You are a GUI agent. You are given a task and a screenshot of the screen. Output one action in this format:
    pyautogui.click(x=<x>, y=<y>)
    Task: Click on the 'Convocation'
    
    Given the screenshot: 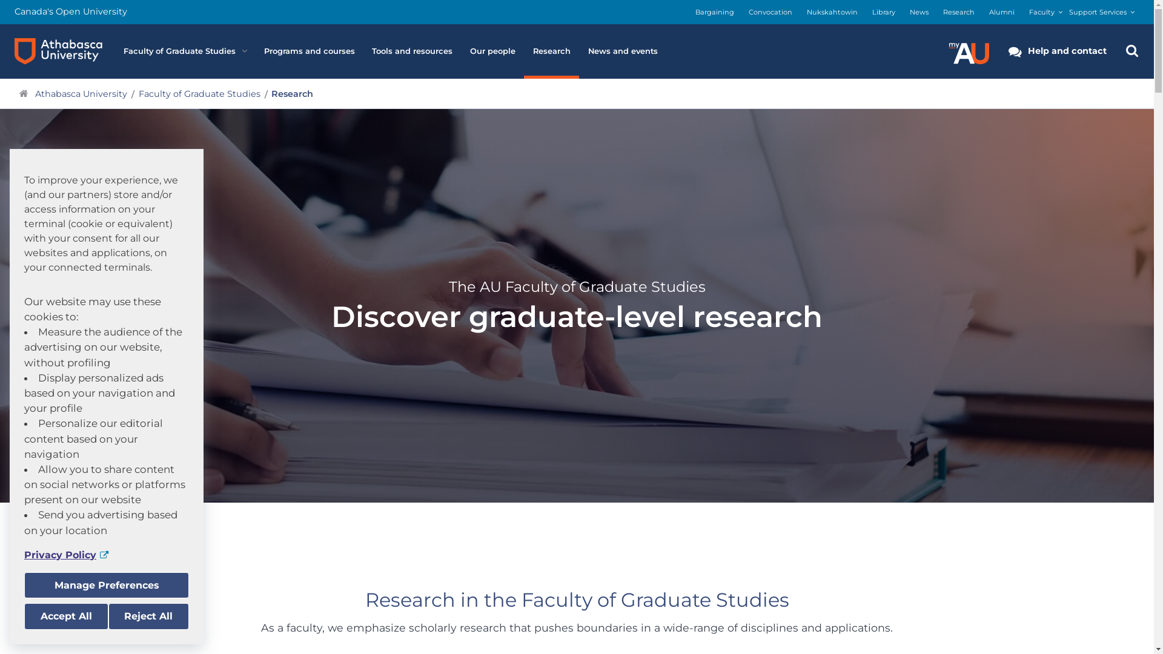 What is the action you would take?
    pyautogui.click(x=770, y=12)
    